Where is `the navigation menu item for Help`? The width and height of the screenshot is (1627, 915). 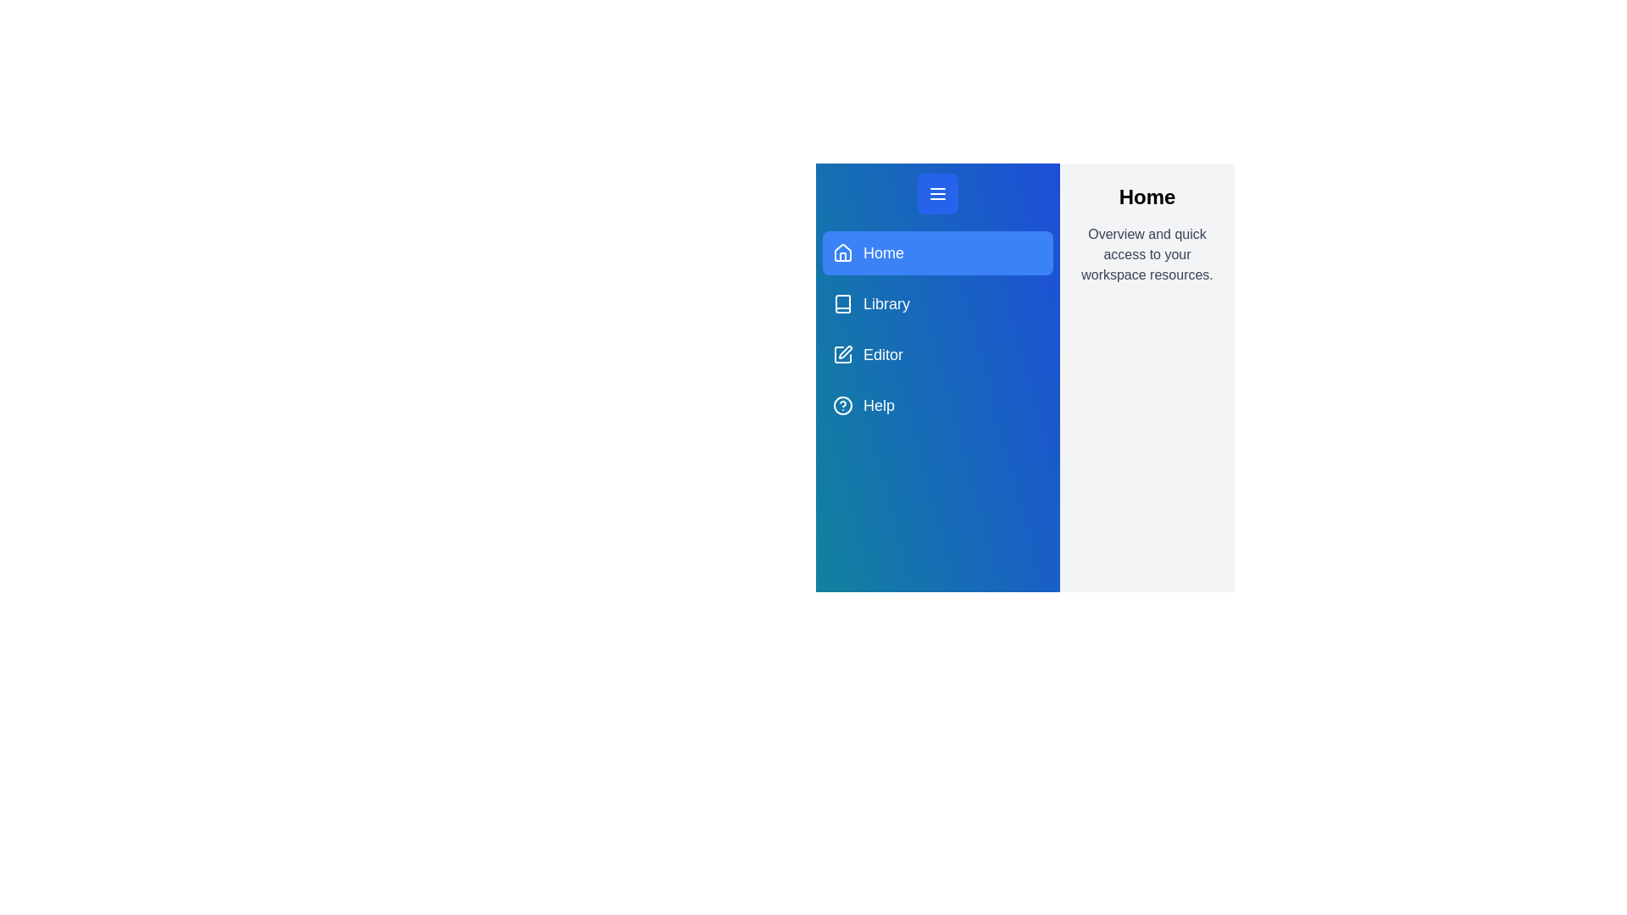
the navigation menu item for Help is located at coordinates (937, 405).